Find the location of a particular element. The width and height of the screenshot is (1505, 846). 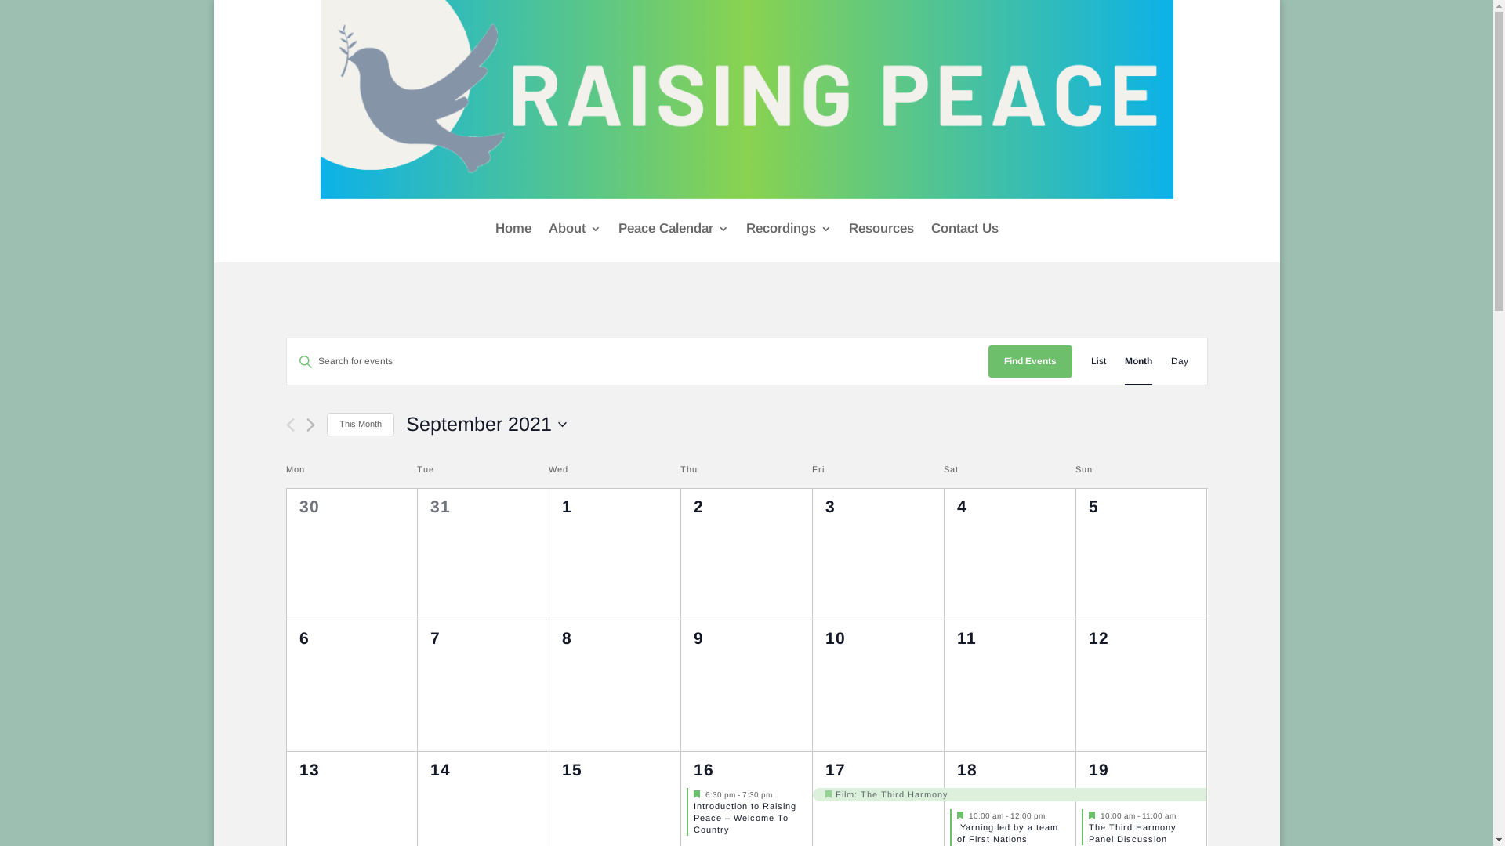

'Find Events' is located at coordinates (1029, 361).